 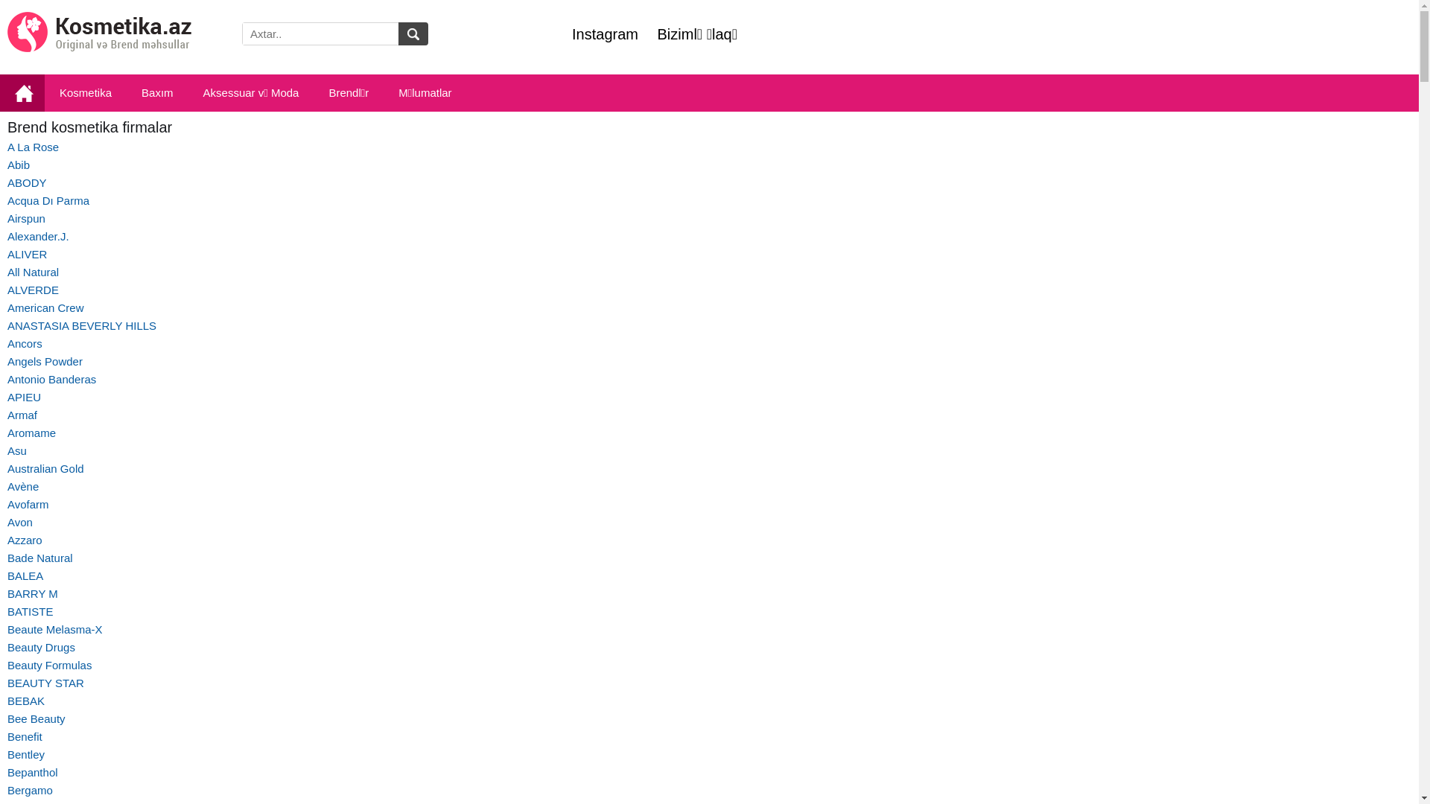 What do you see at coordinates (18, 165) in the screenshot?
I see `'Abib'` at bounding box center [18, 165].